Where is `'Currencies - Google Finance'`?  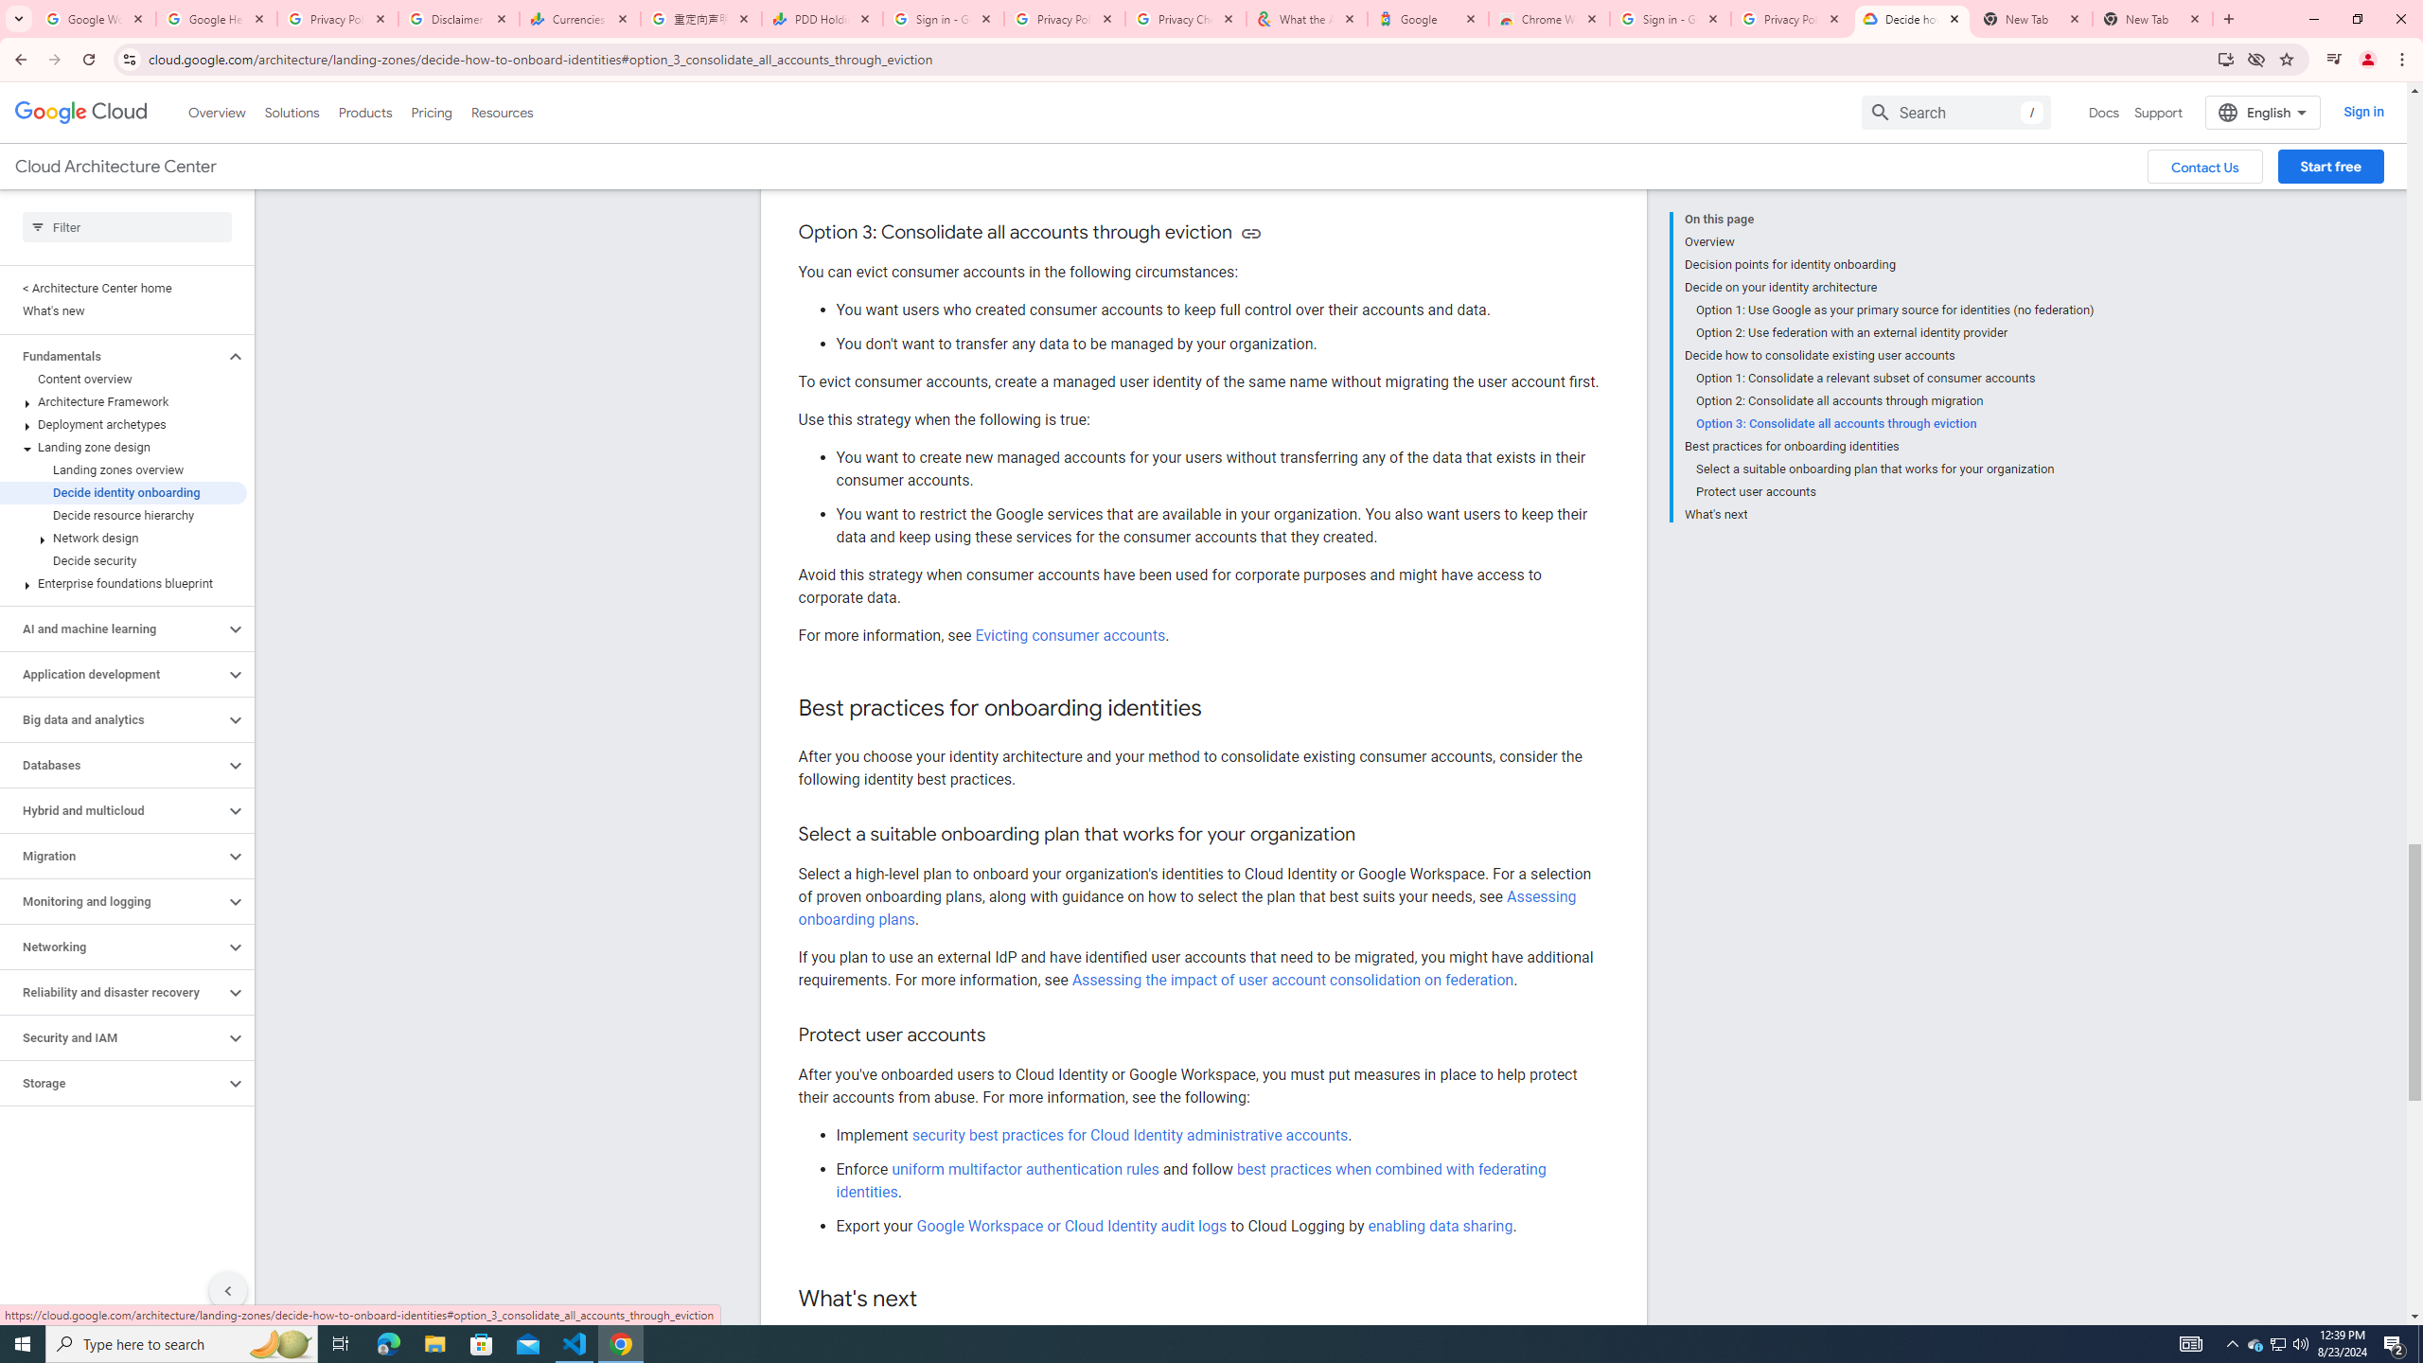 'Currencies - Google Finance' is located at coordinates (579, 18).